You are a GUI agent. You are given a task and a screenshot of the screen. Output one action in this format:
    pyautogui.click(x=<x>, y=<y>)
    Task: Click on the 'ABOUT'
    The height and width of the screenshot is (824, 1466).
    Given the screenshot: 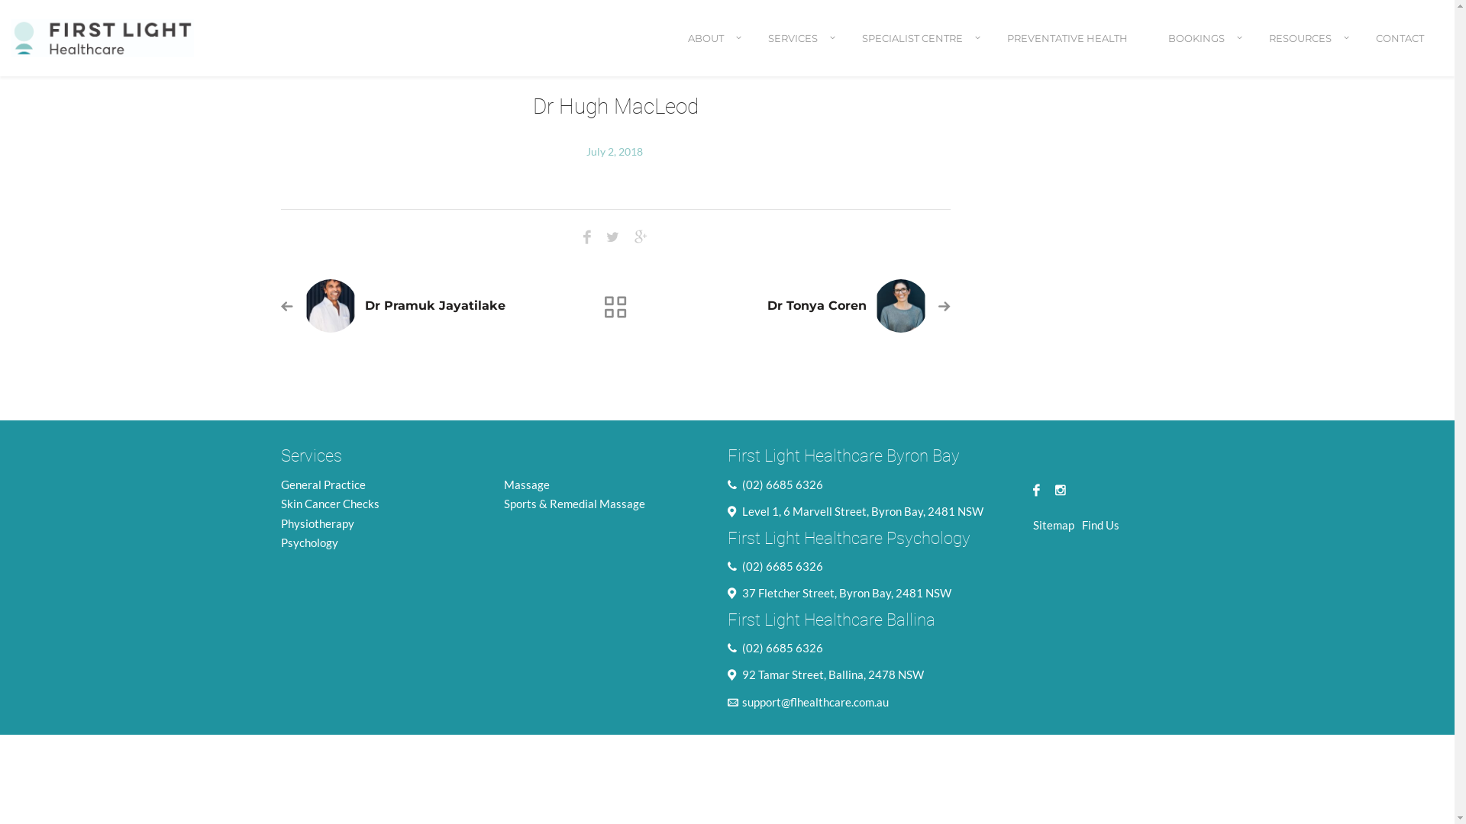 What is the action you would take?
    pyautogui.click(x=706, y=50)
    